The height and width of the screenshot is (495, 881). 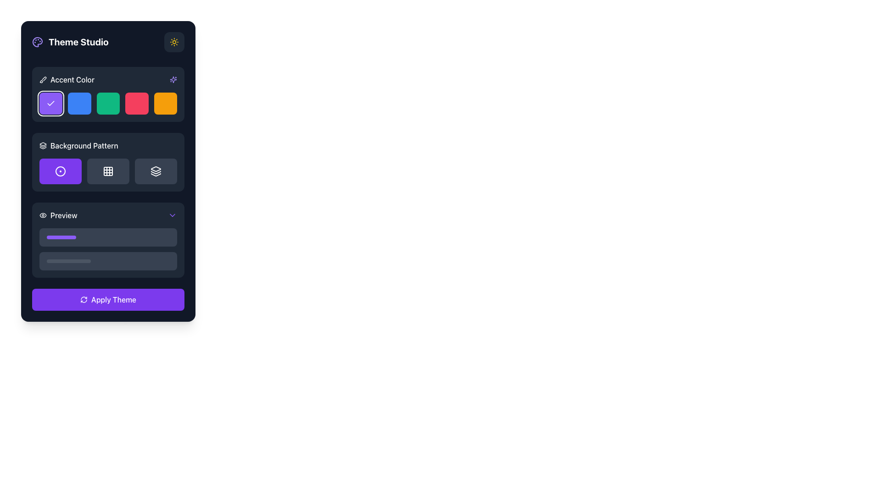 What do you see at coordinates (156, 169) in the screenshot?
I see `the outlined diamond icon in the 'Background Pattern' section` at bounding box center [156, 169].